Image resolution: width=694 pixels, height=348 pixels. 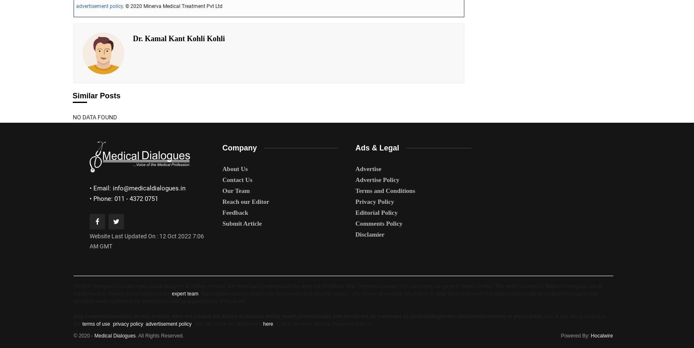 What do you see at coordinates (222, 200) in the screenshot?
I see `'Reach our Editor'` at bounding box center [222, 200].